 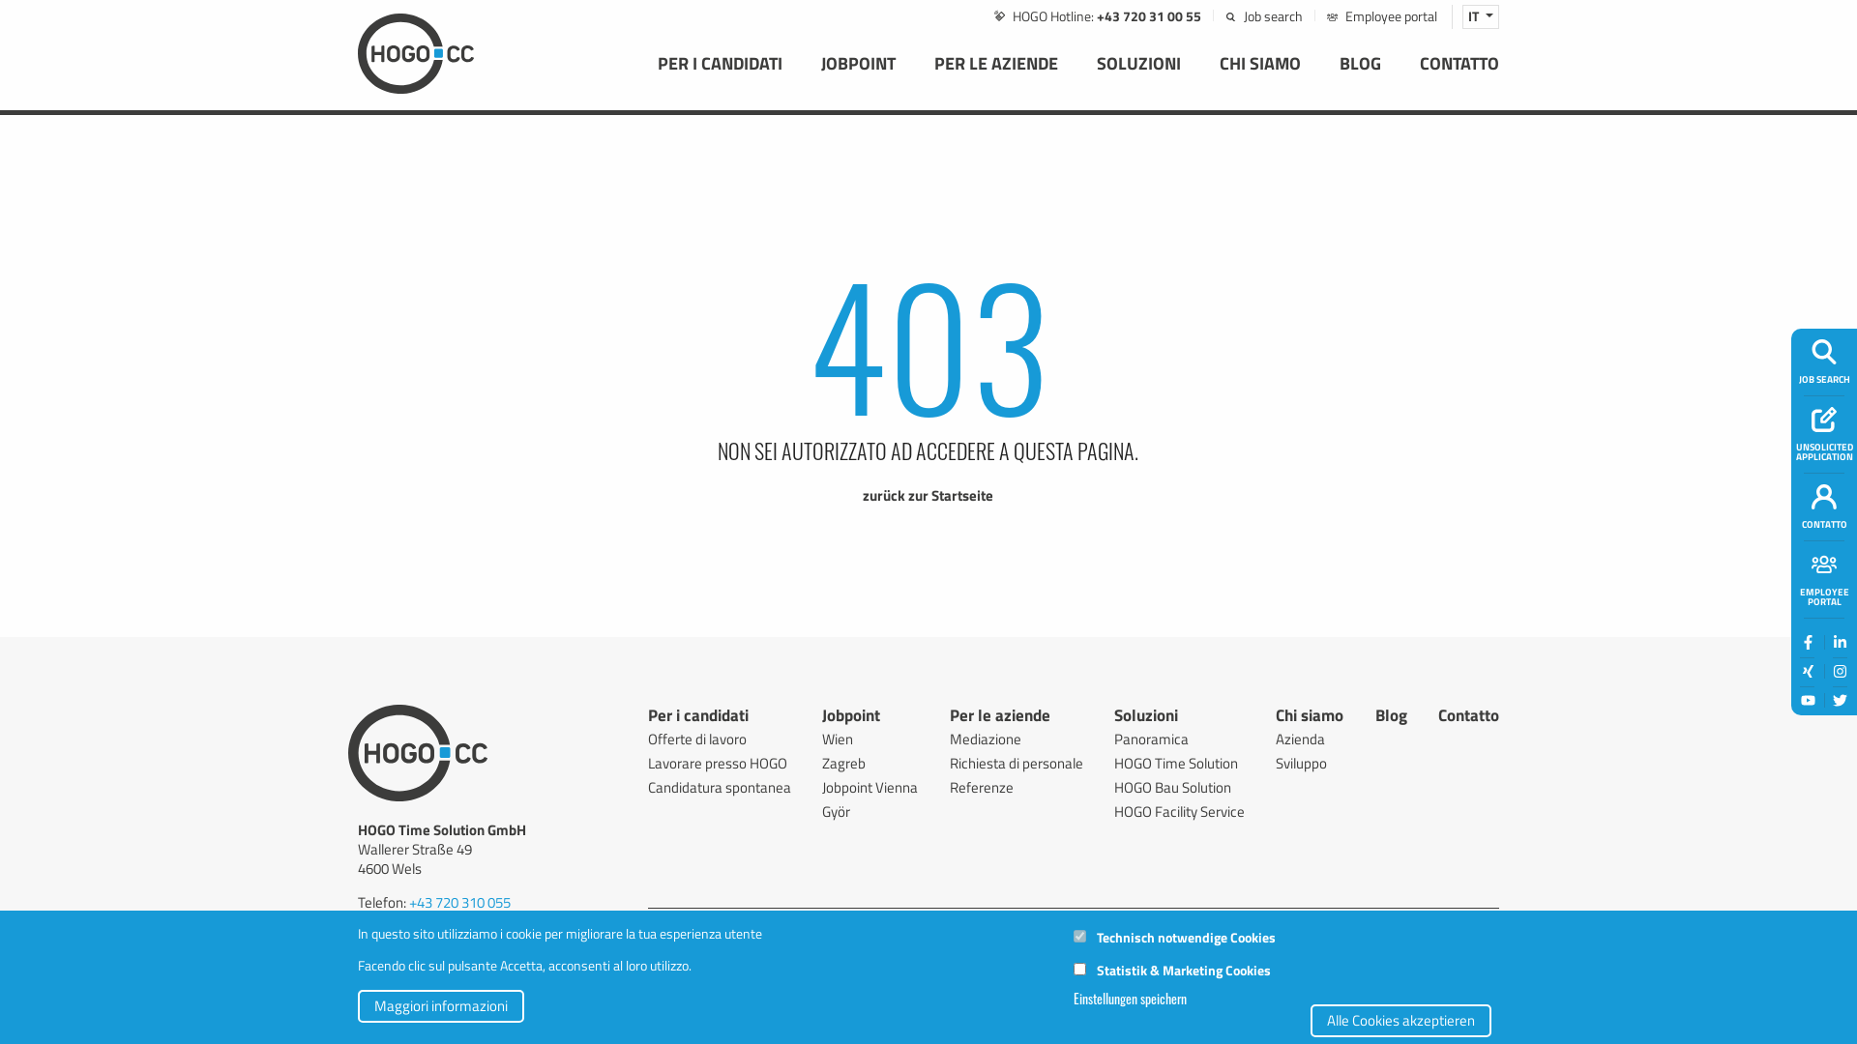 I want to click on 'office@hogo.cc', so click(x=451, y=940).